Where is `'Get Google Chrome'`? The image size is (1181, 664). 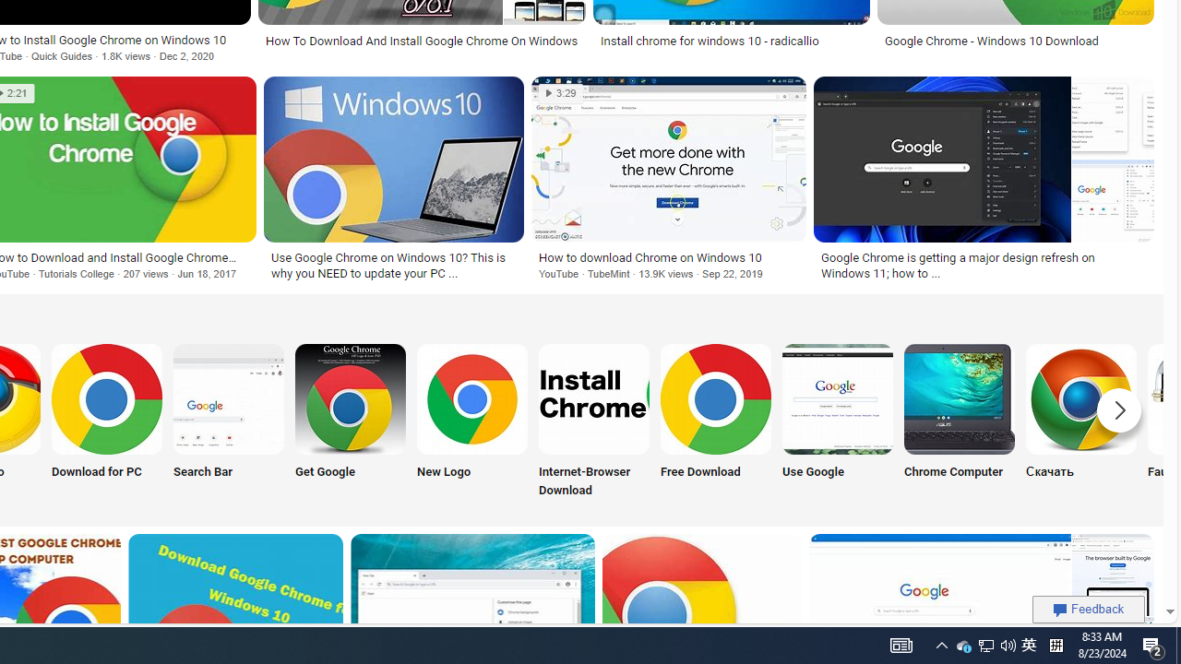
'Get Google Chrome' is located at coordinates (351, 397).